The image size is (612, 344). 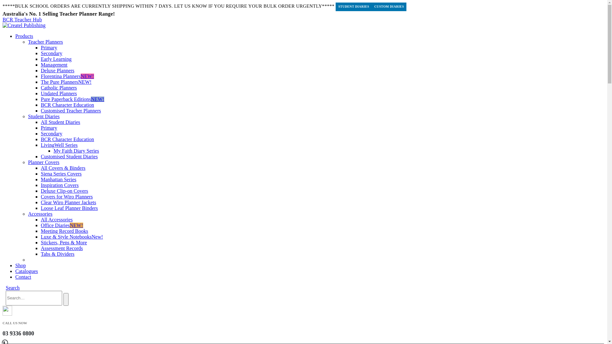 What do you see at coordinates (67, 104) in the screenshot?
I see `'BCR Character Education'` at bounding box center [67, 104].